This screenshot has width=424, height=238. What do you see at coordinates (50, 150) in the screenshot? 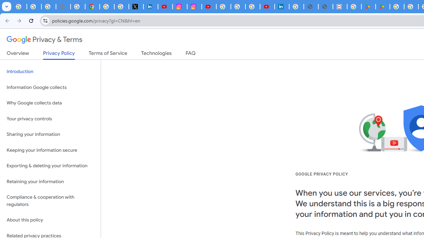
I see `'Keeping your information secure'` at bounding box center [50, 150].